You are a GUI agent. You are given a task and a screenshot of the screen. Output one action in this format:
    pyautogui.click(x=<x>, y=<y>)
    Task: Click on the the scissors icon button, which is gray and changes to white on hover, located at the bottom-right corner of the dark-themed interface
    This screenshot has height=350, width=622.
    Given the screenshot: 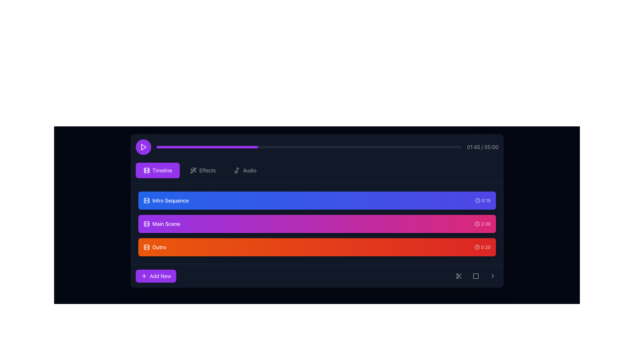 What is the action you would take?
    pyautogui.click(x=458, y=276)
    